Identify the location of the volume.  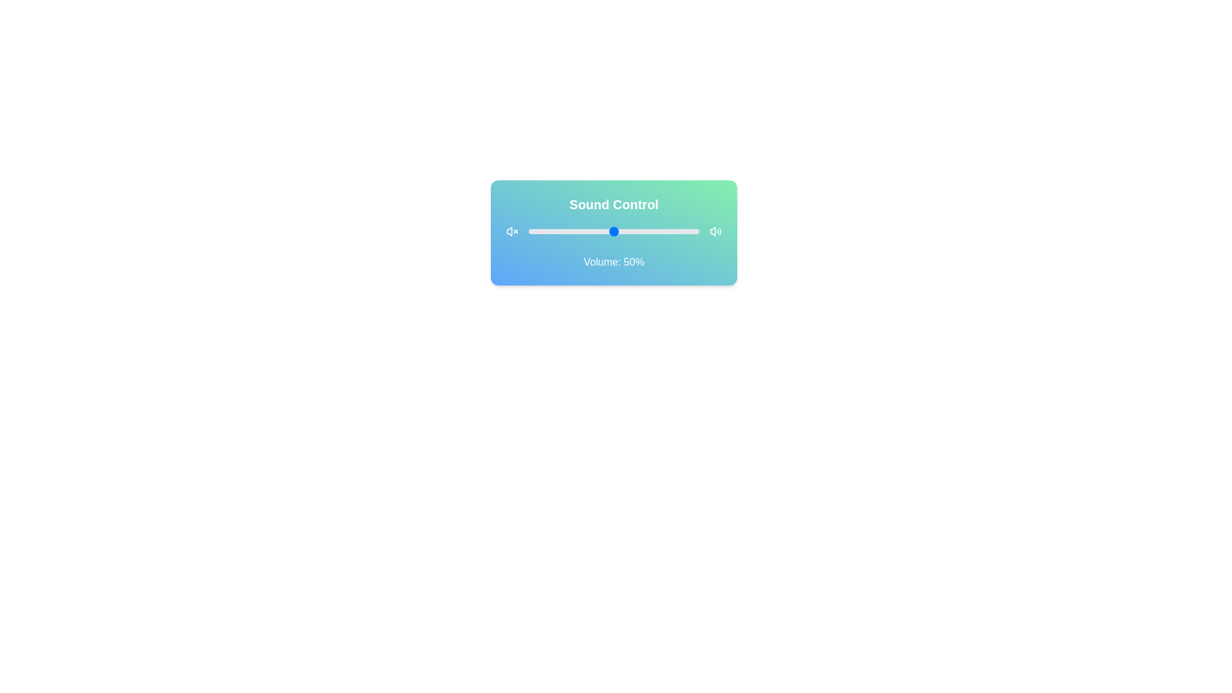
(539, 232).